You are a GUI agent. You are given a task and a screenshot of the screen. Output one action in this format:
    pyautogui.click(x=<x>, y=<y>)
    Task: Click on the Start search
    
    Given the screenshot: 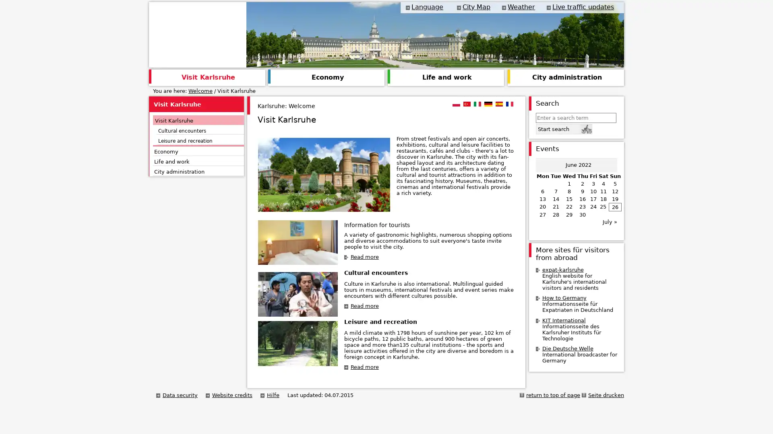 What is the action you would take?
    pyautogui.click(x=563, y=128)
    